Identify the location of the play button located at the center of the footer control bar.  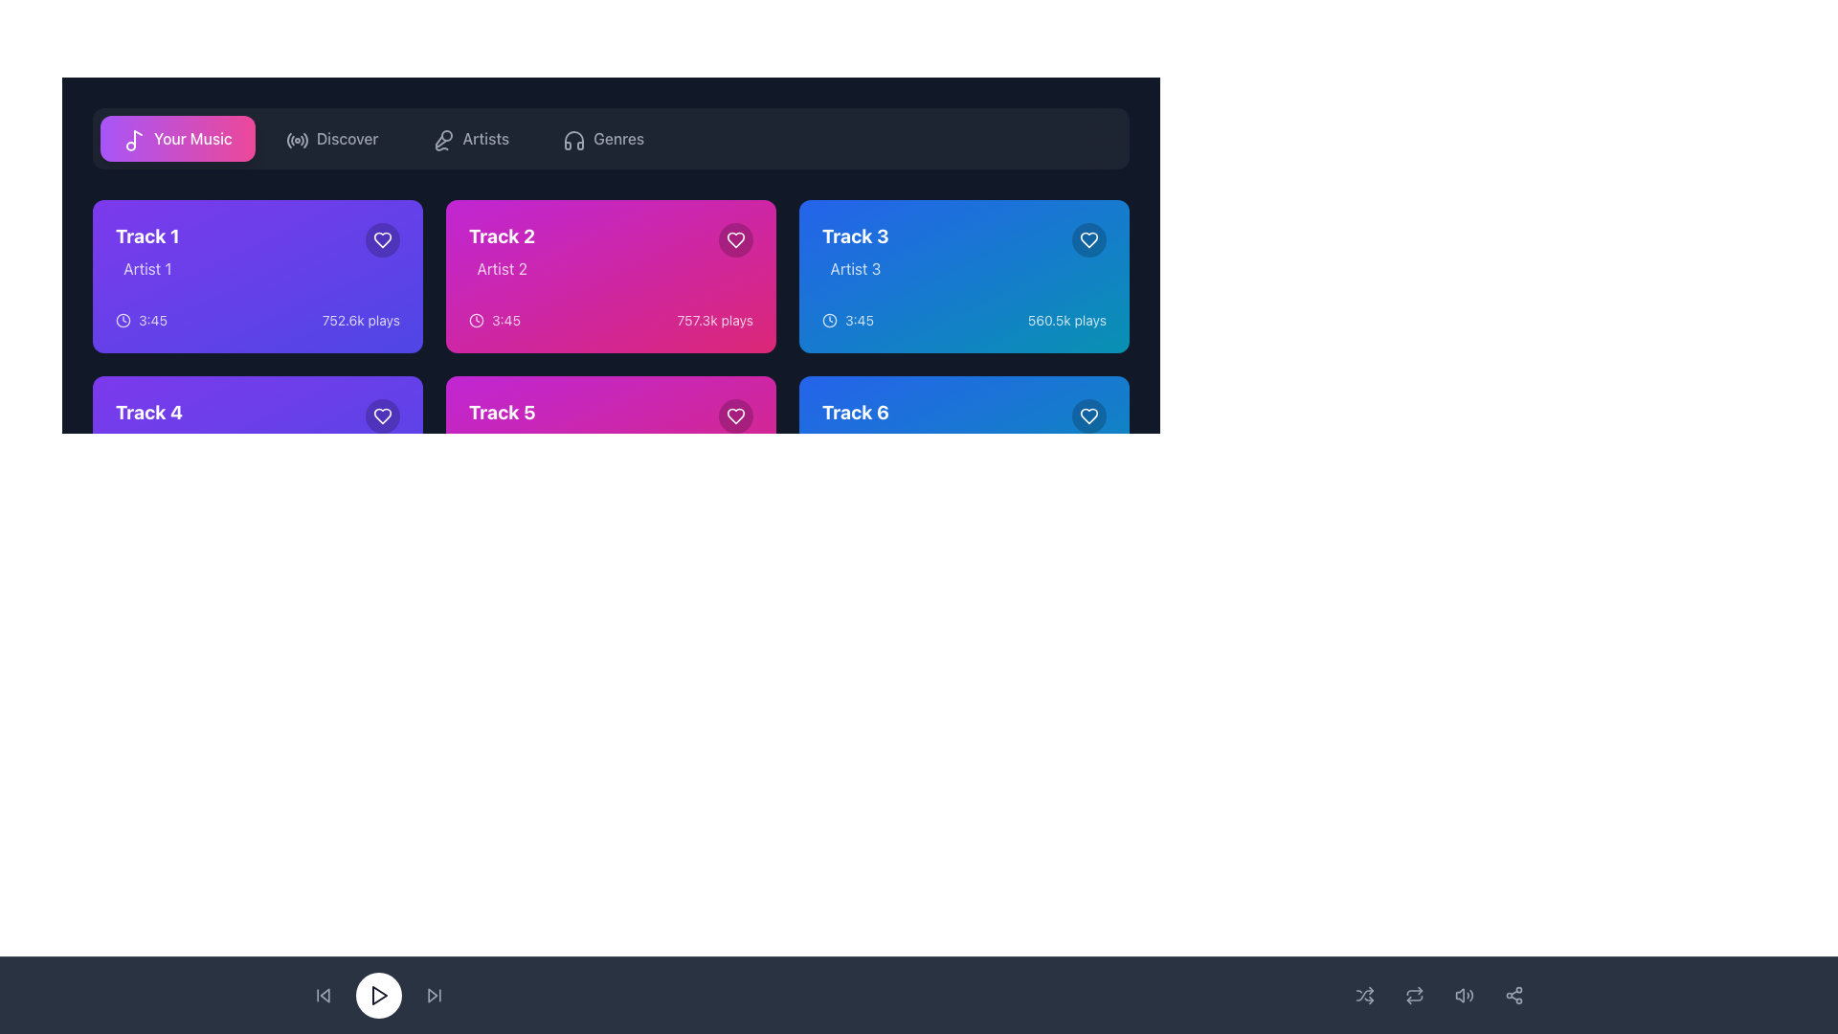
(378, 995).